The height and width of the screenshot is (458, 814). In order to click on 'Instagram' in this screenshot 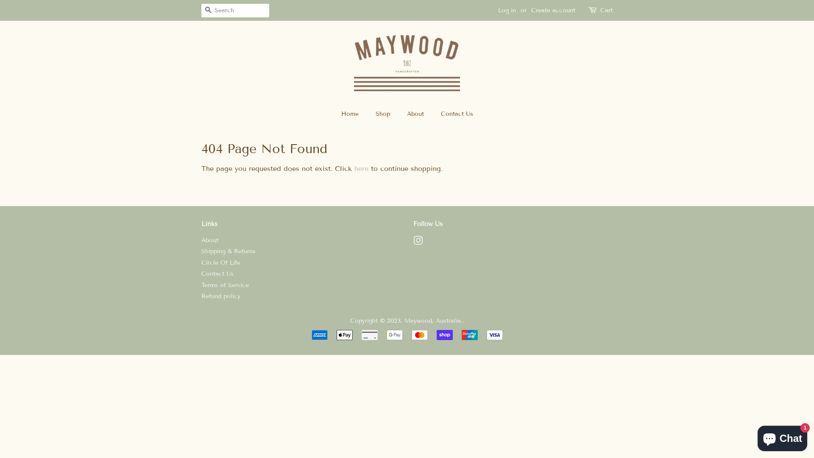, I will do `click(418, 242)`.